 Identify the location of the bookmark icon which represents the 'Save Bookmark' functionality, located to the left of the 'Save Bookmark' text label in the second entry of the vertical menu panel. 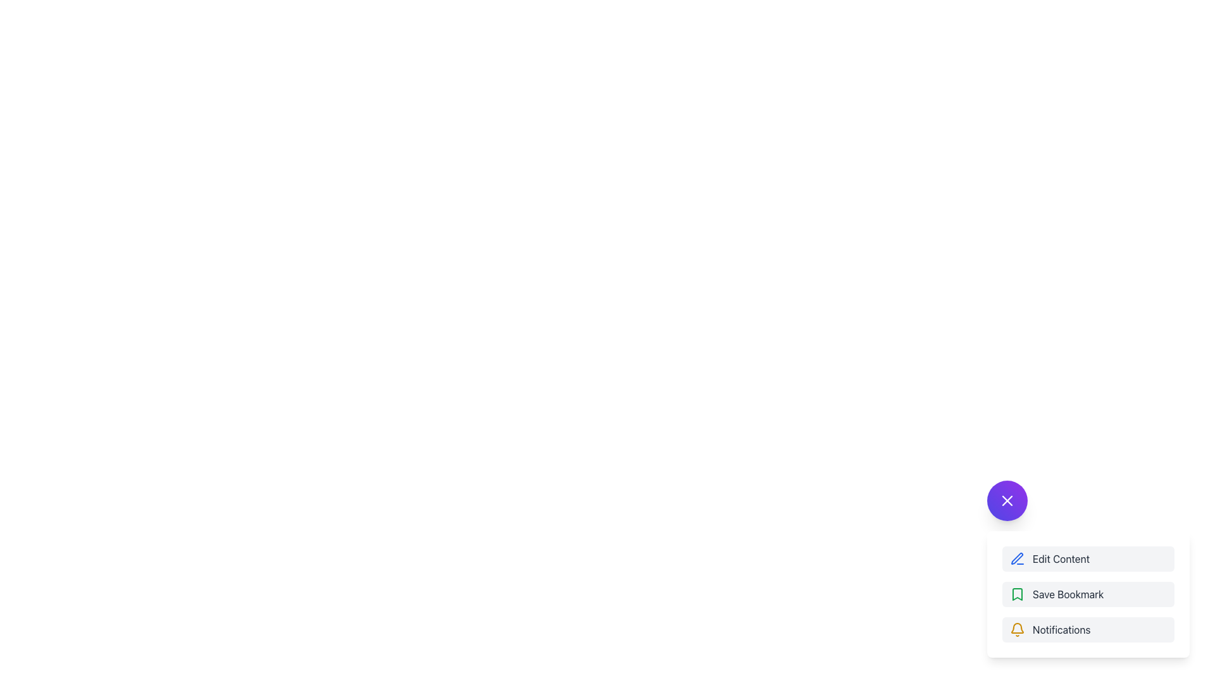
(1018, 594).